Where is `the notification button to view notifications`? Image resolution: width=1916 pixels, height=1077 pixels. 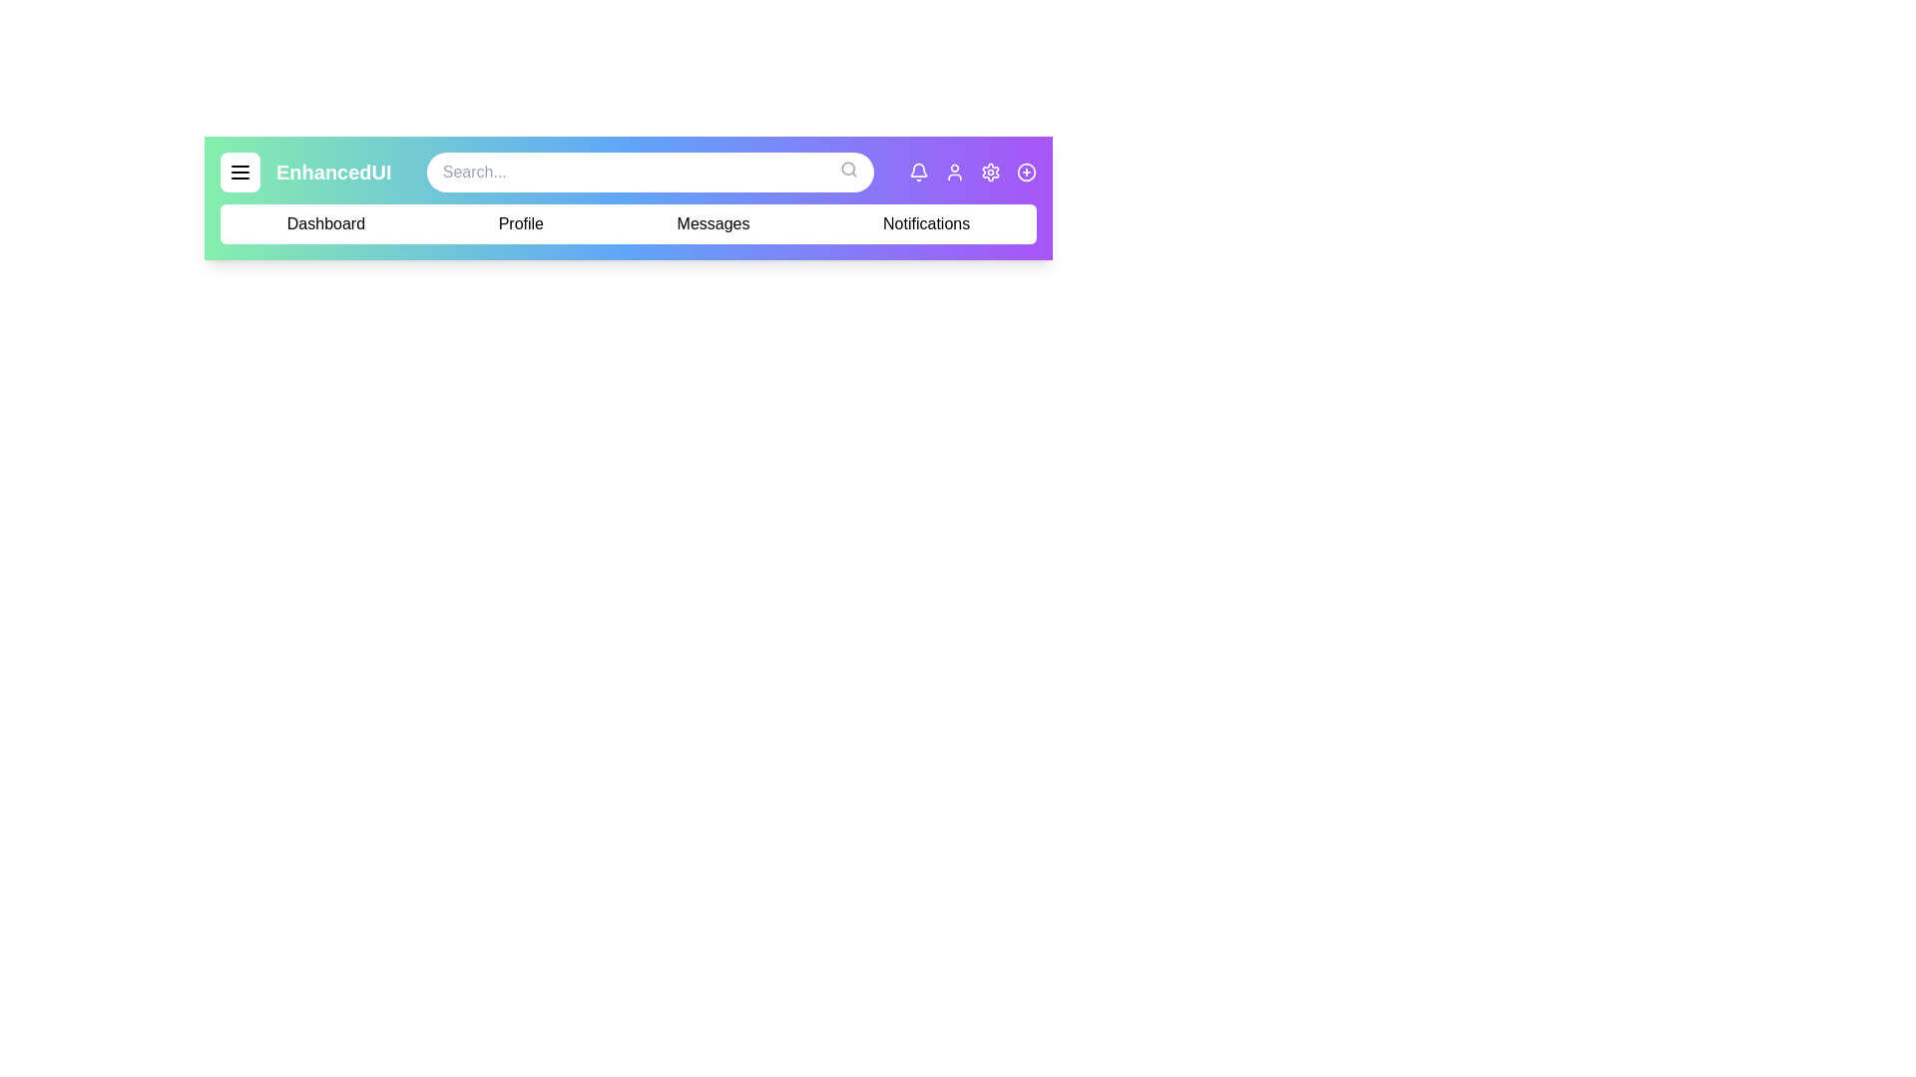
the notification button to view notifications is located at coordinates (917, 172).